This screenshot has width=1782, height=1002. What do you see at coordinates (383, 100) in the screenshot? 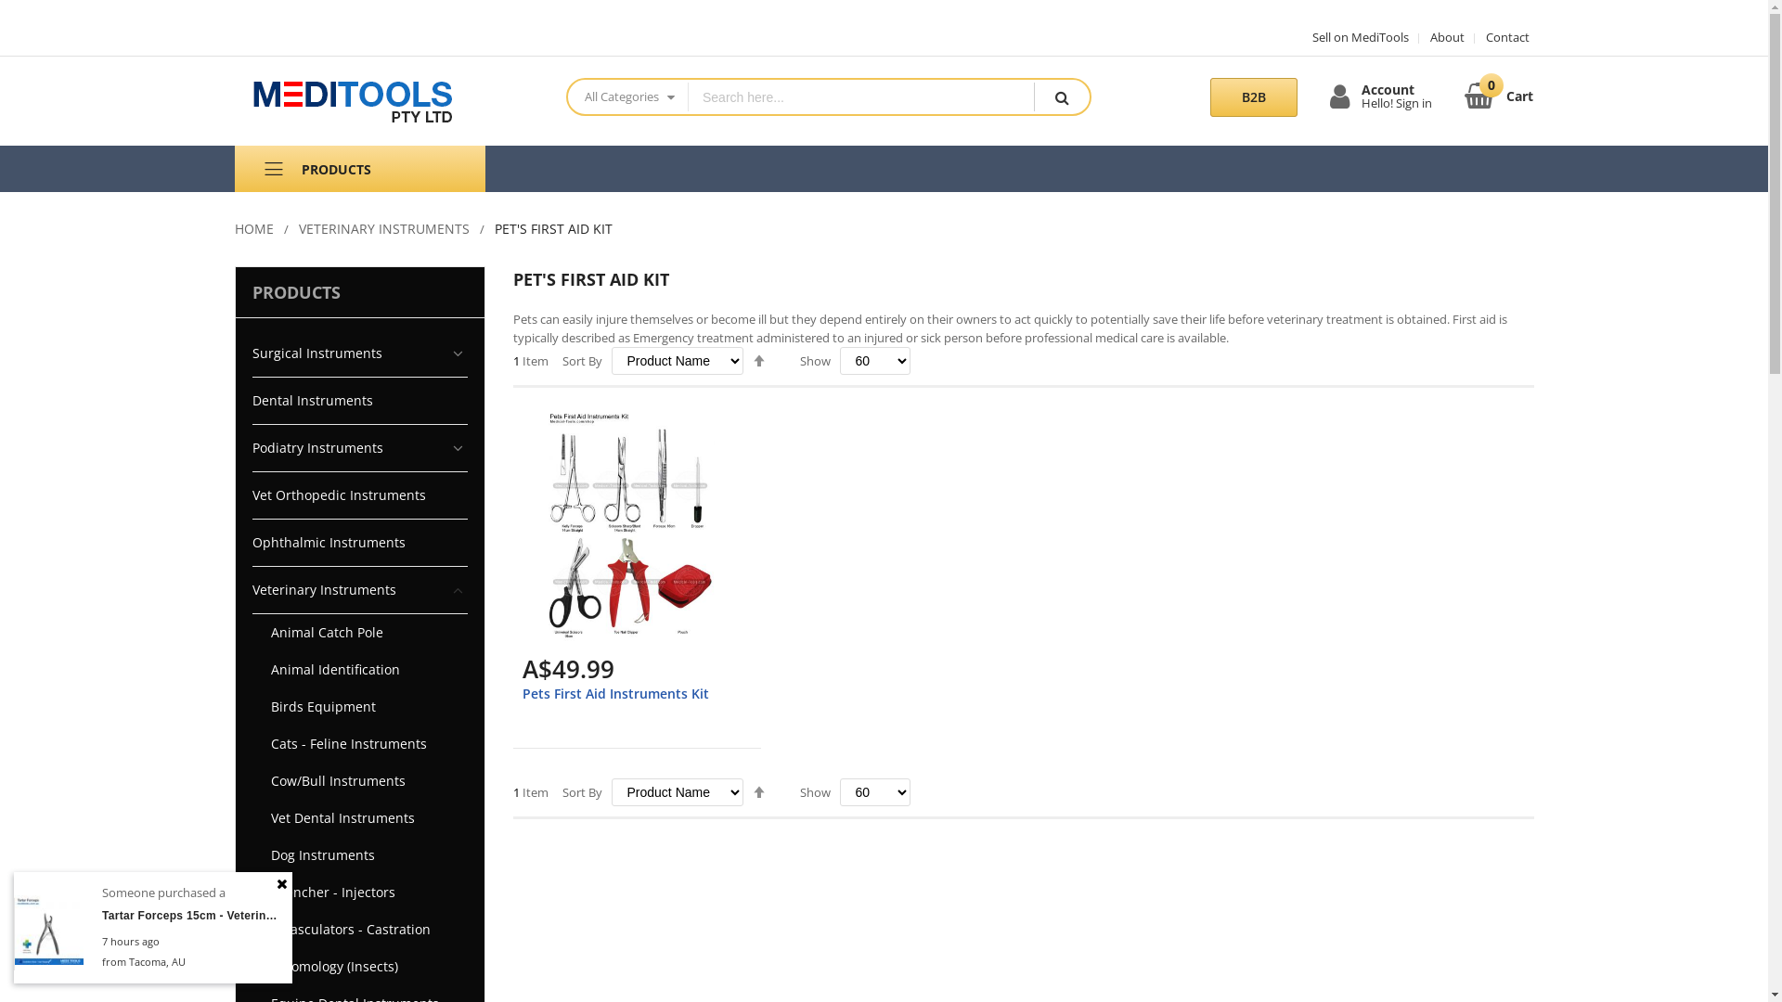
I see `'MediTools Website'` at bounding box center [383, 100].